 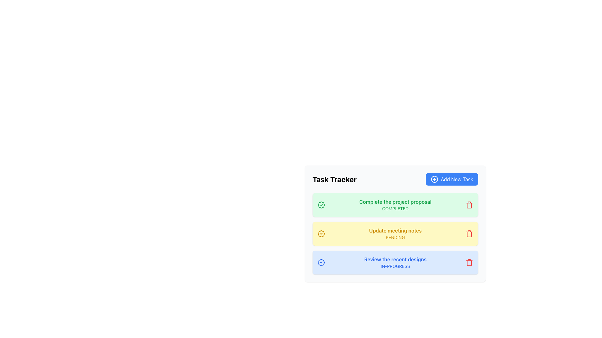 I want to click on the red trash bin icon button located at the right end of the highlighted yellow row labeled 'Update meeting notes', so click(x=469, y=234).